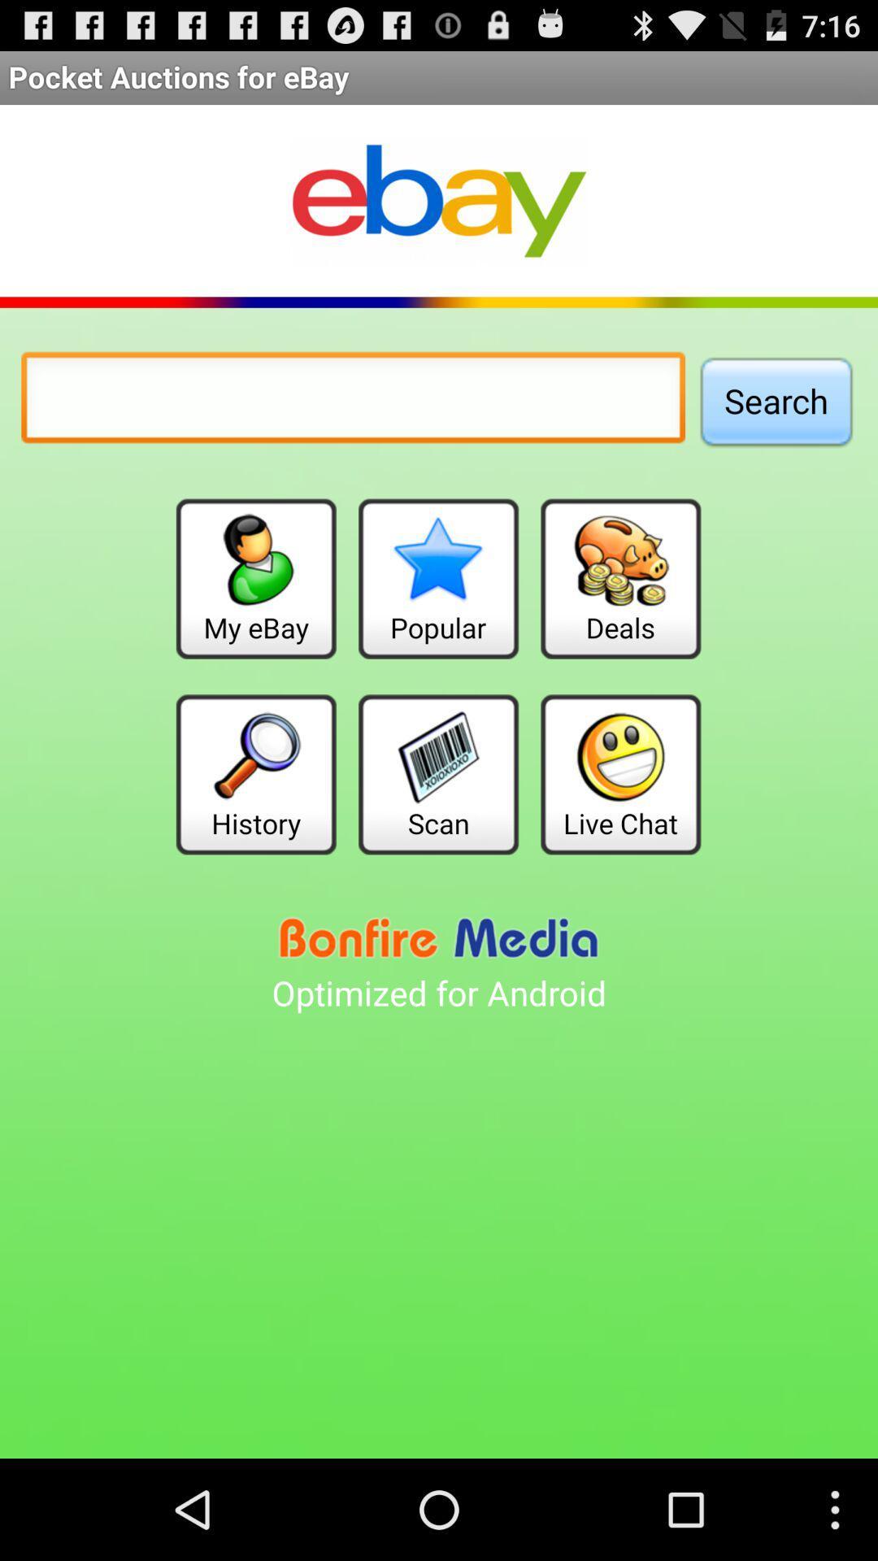 This screenshot has height=1561, width=878. Describe the element at coordinates (437, 579) in the screenshot. I see `the icon above the scan` at that location.